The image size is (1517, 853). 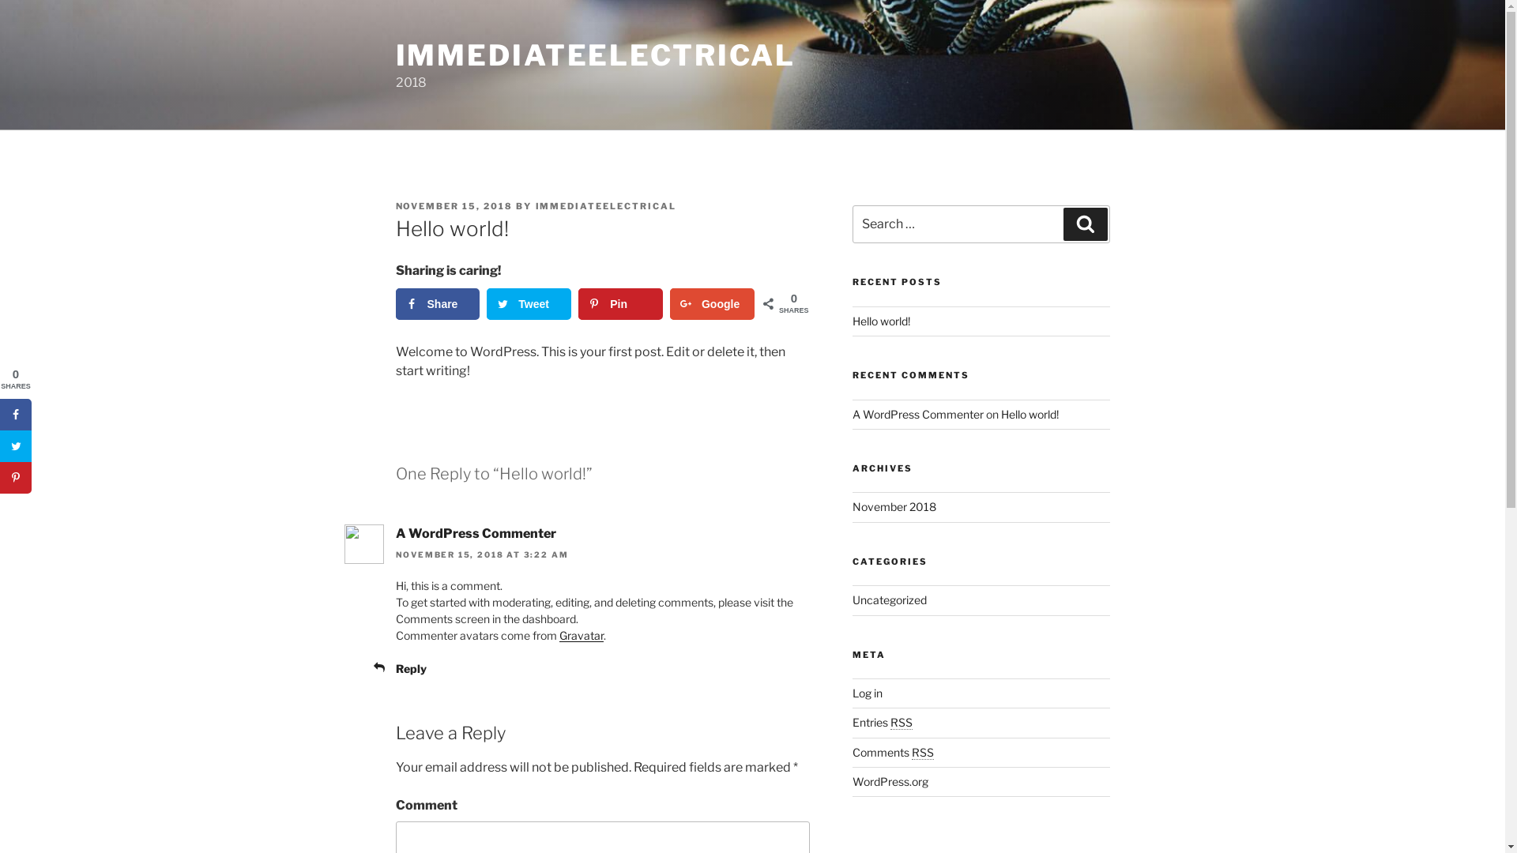 I want to click on 'Log in', so click(x=867, y=692).